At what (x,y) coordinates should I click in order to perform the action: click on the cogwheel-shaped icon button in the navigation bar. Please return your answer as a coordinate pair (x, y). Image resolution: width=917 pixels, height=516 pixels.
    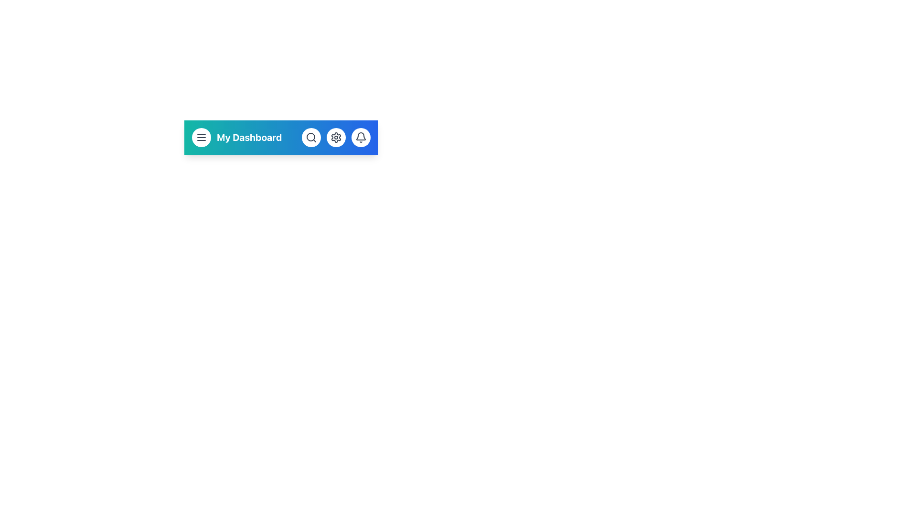
    Looking at the image, I should click on (336, 138).